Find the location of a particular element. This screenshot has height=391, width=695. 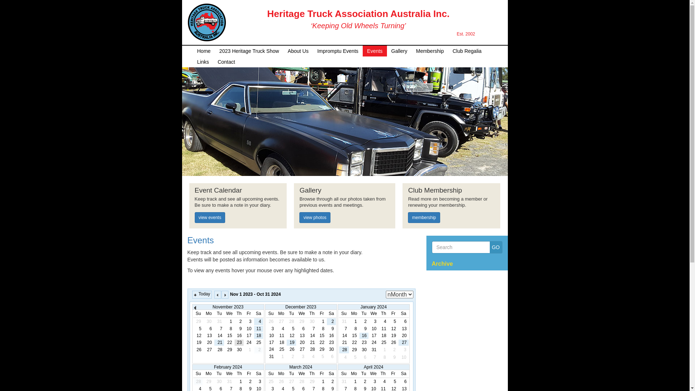

'4' is located at coordinates (258, 321).